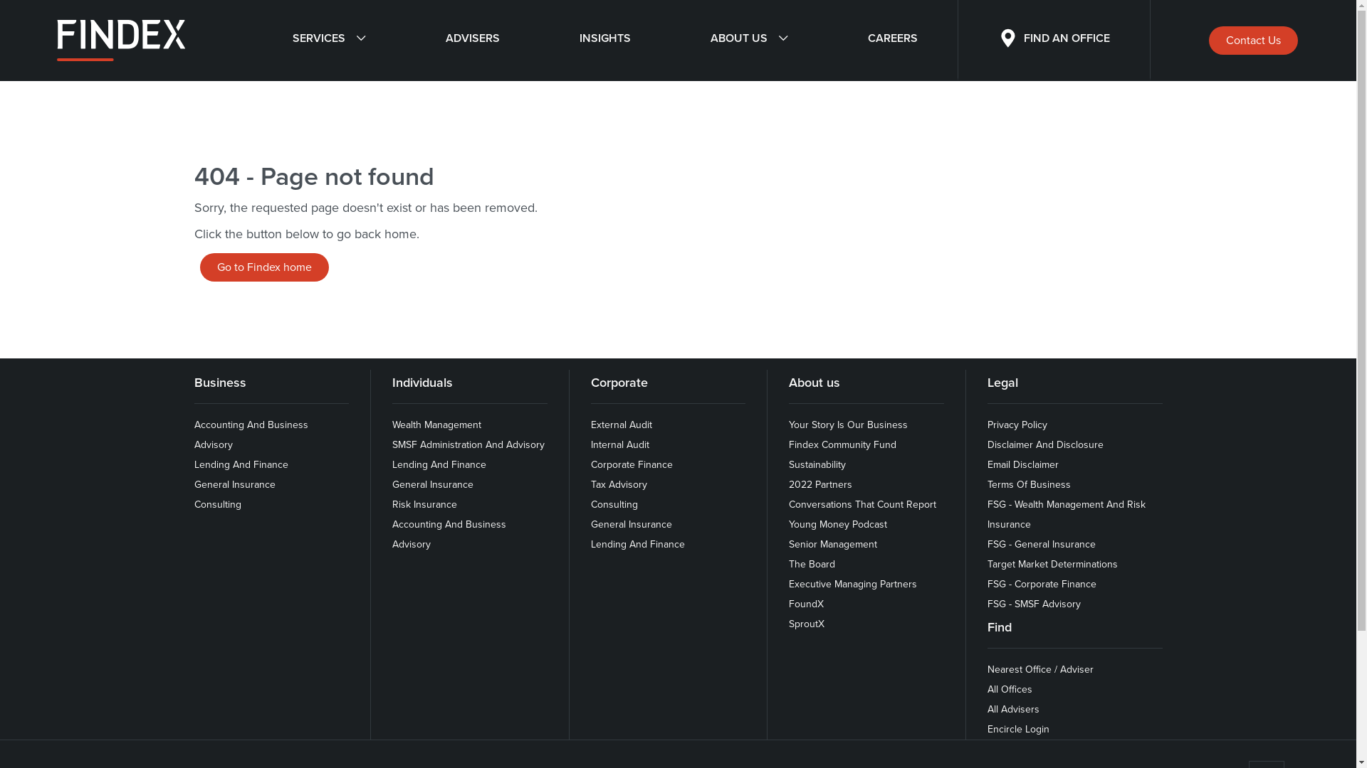 This screenshot has height=768, width=1367. I want to click on 'ABOUT US', so click(748, 40).